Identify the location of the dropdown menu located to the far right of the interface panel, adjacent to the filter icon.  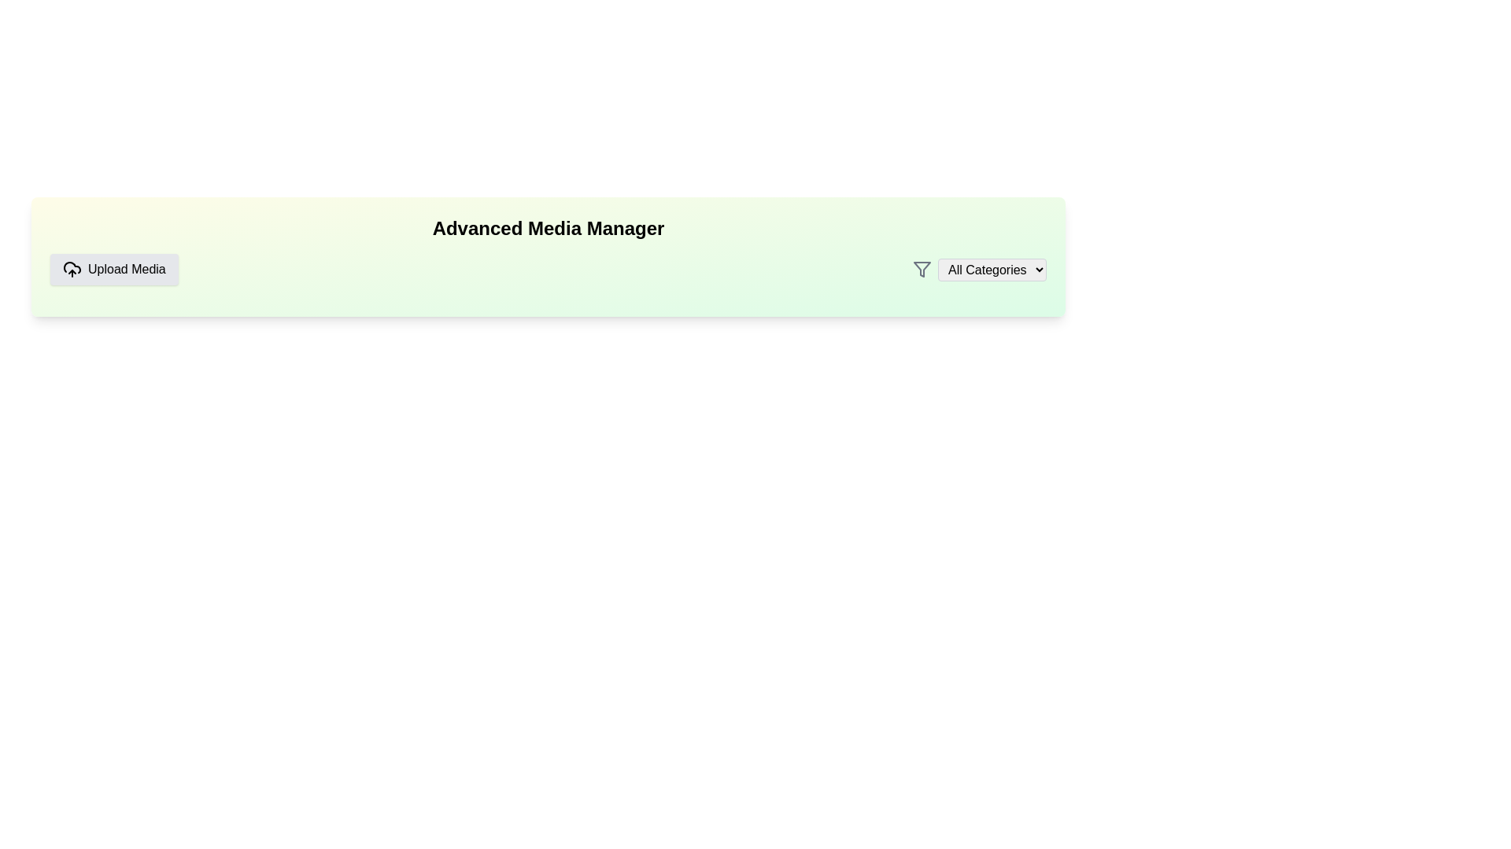
(992, 269).